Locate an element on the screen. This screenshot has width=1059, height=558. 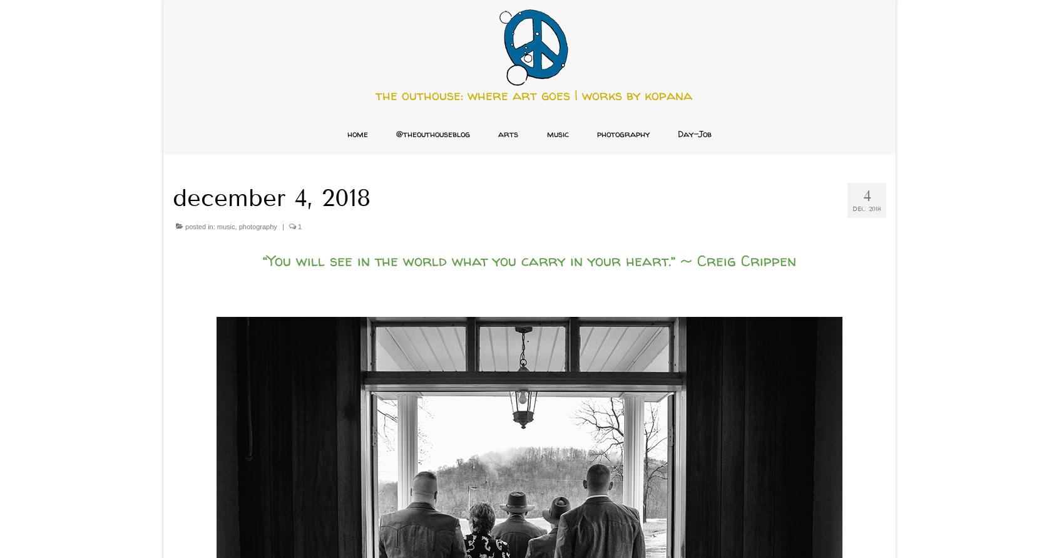
'posted in:' is located at coordinates (199, 227).